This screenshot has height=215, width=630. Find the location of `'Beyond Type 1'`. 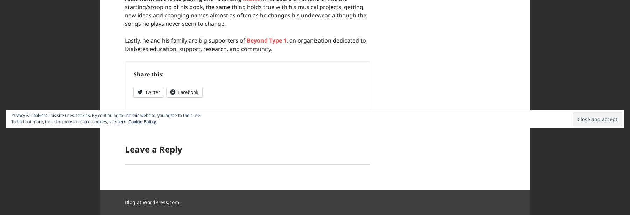

'Beyond Type 1' is located at coordinates (266, 40).